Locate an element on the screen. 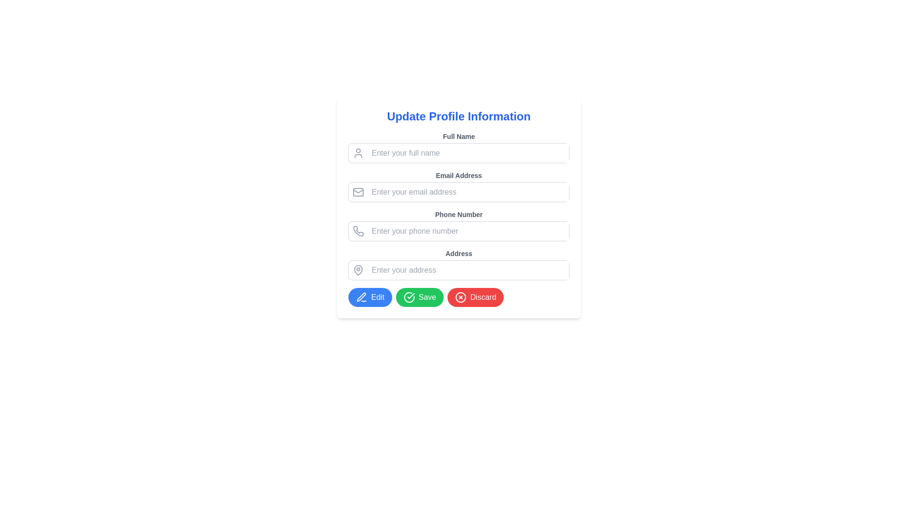  the address input field icon located in the profile update section to associate the input functionality with an address-related purpose is located at coordinates (358, 270).